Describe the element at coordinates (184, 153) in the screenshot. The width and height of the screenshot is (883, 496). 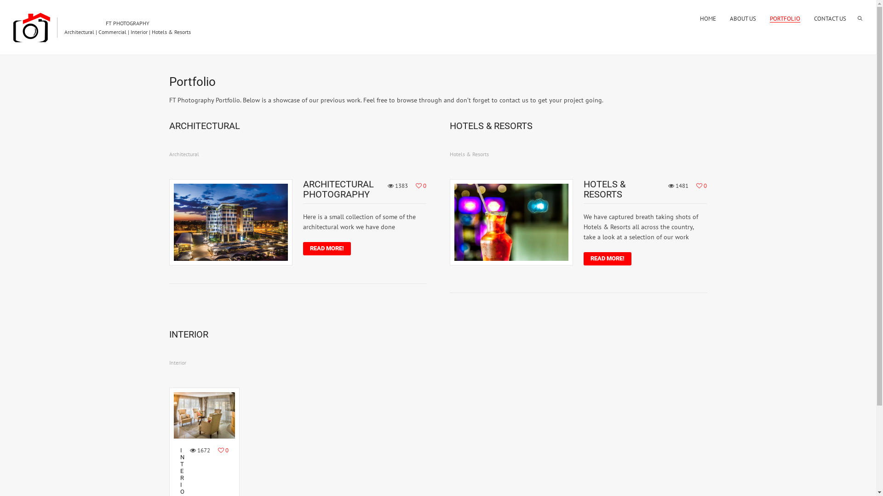
I see `'Architectural'` at that location.